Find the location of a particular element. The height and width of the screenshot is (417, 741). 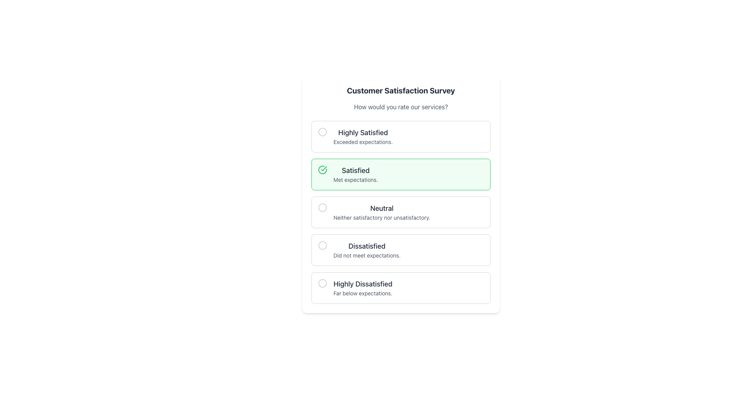

the 'Highly Dissatisfied' radio button option, which is the last item in the vertical list of satisfaction options in the survey is located at coordinates (401, 288).